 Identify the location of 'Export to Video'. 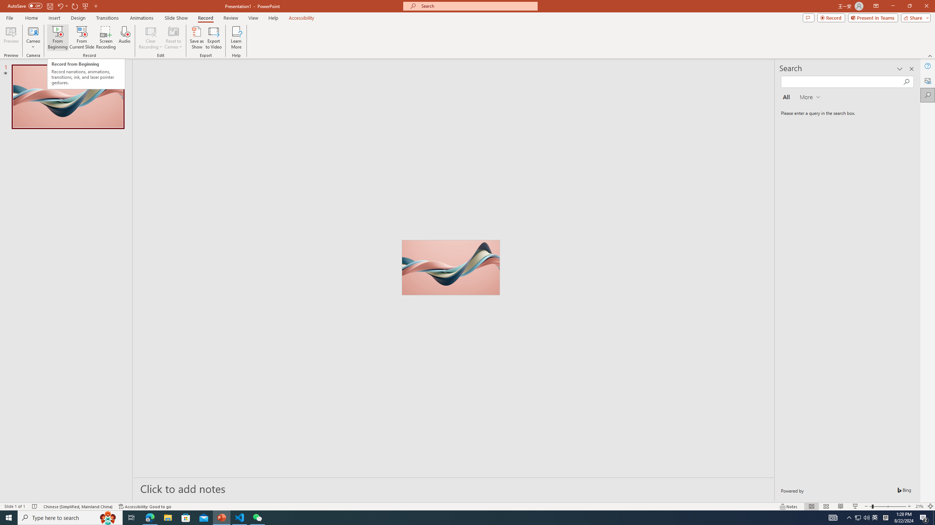
(213, 38).